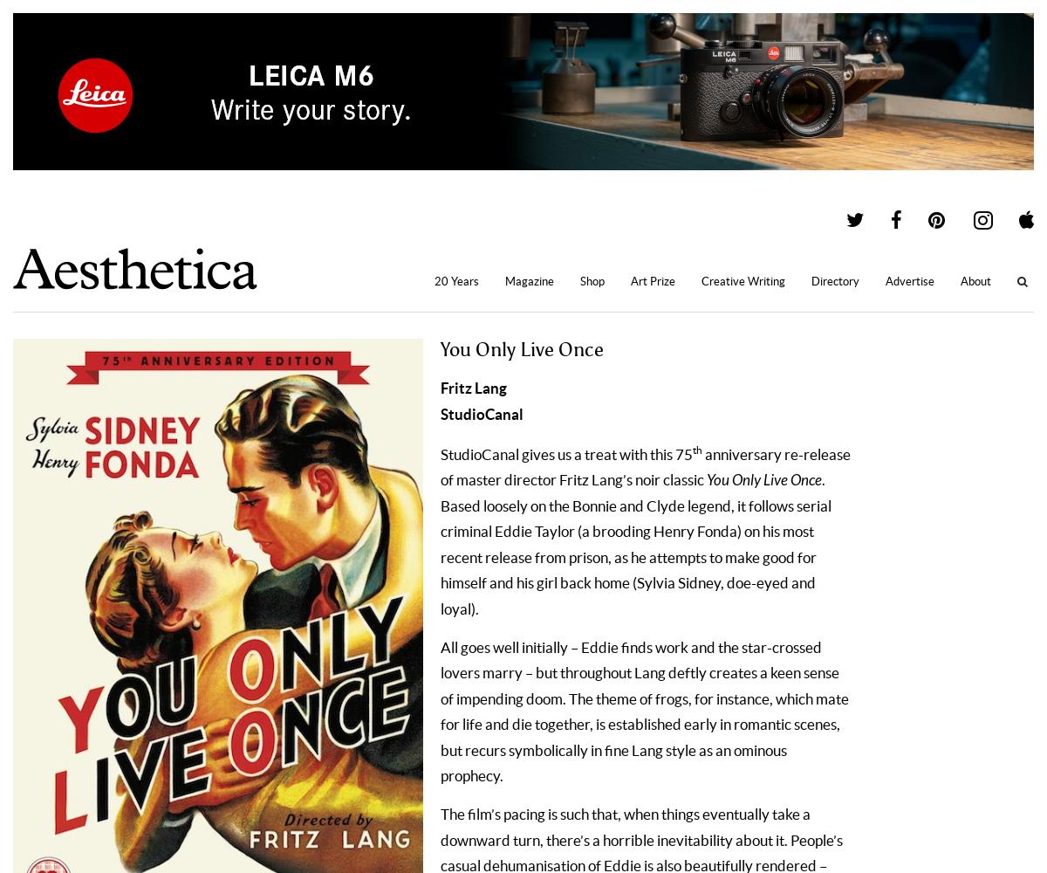 The image size is (1047, 873). I want to click on 'Art Prize', so click(631, 280).